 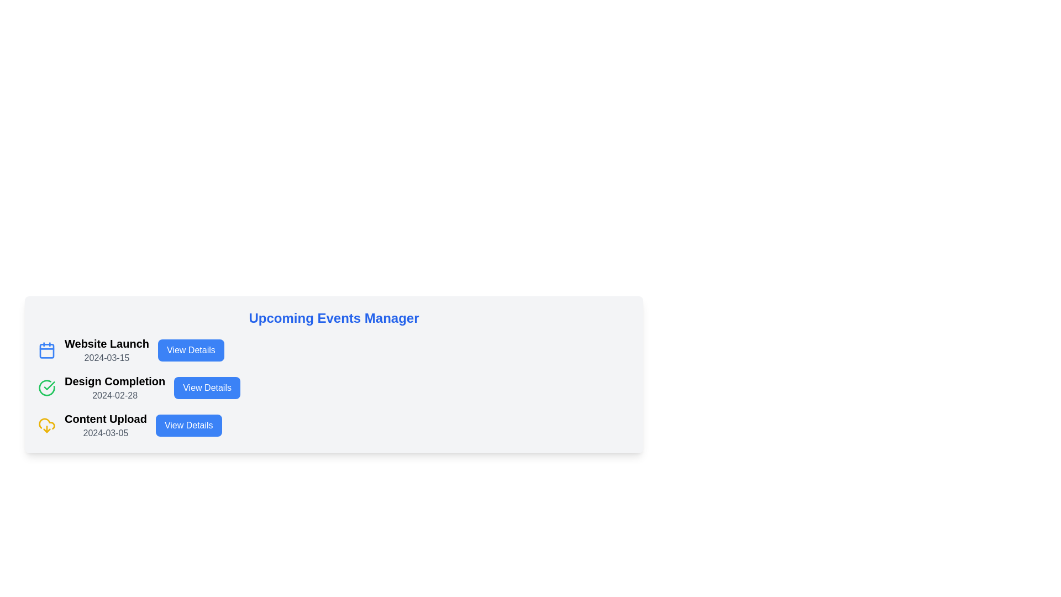 I want to click on the Text Display element that shows 'Design Completion' in bold and the date '2024-02-28' in gray, which is positioned between 'Website Launch' and 'Content Upload', so click(x=115, y=387).